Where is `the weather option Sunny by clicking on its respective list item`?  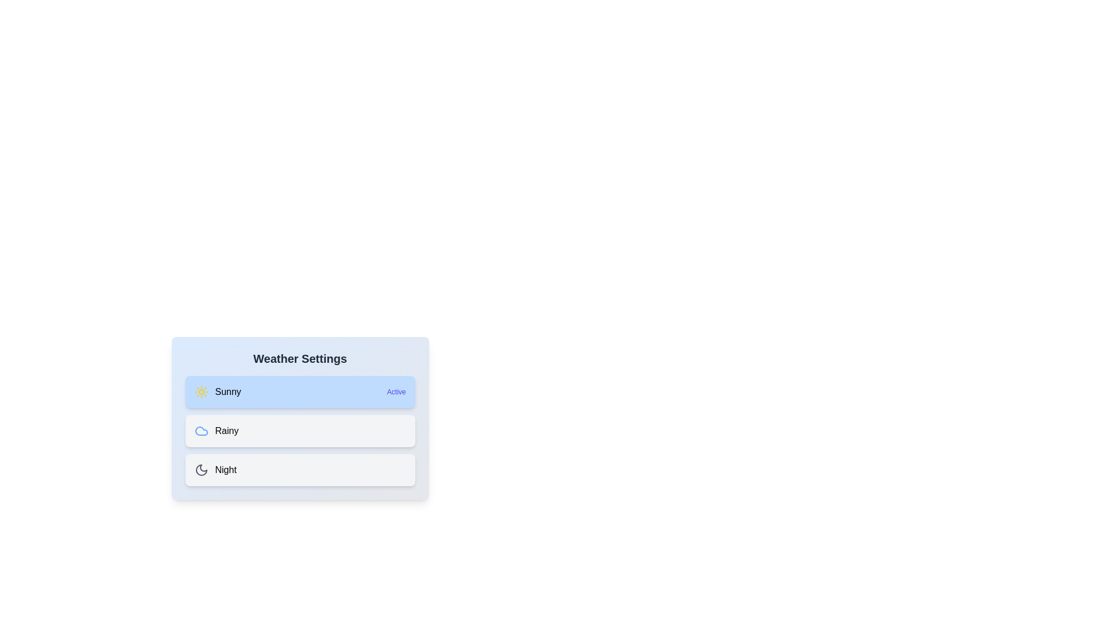 the weather option Sunny by clicking on its respective list item is located at coordinates (300, 391).